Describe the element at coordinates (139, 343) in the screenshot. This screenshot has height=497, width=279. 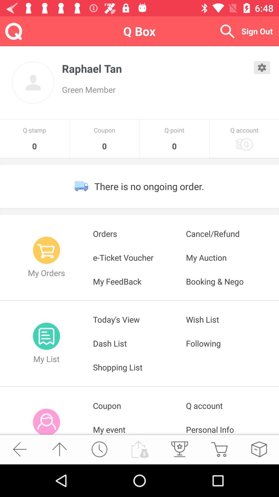
I see `item next to the my list icon` at that location.